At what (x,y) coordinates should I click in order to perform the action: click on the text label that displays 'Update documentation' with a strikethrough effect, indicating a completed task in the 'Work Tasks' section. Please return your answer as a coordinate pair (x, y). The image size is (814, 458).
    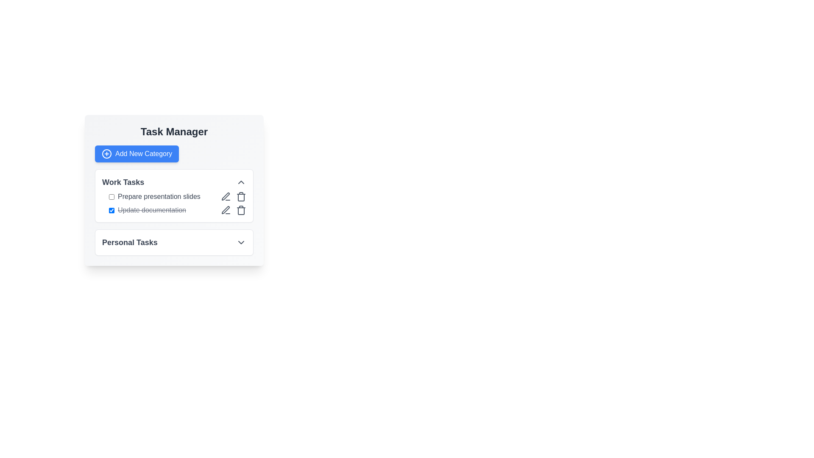
    Looking at the image, I should click on (152, 210).